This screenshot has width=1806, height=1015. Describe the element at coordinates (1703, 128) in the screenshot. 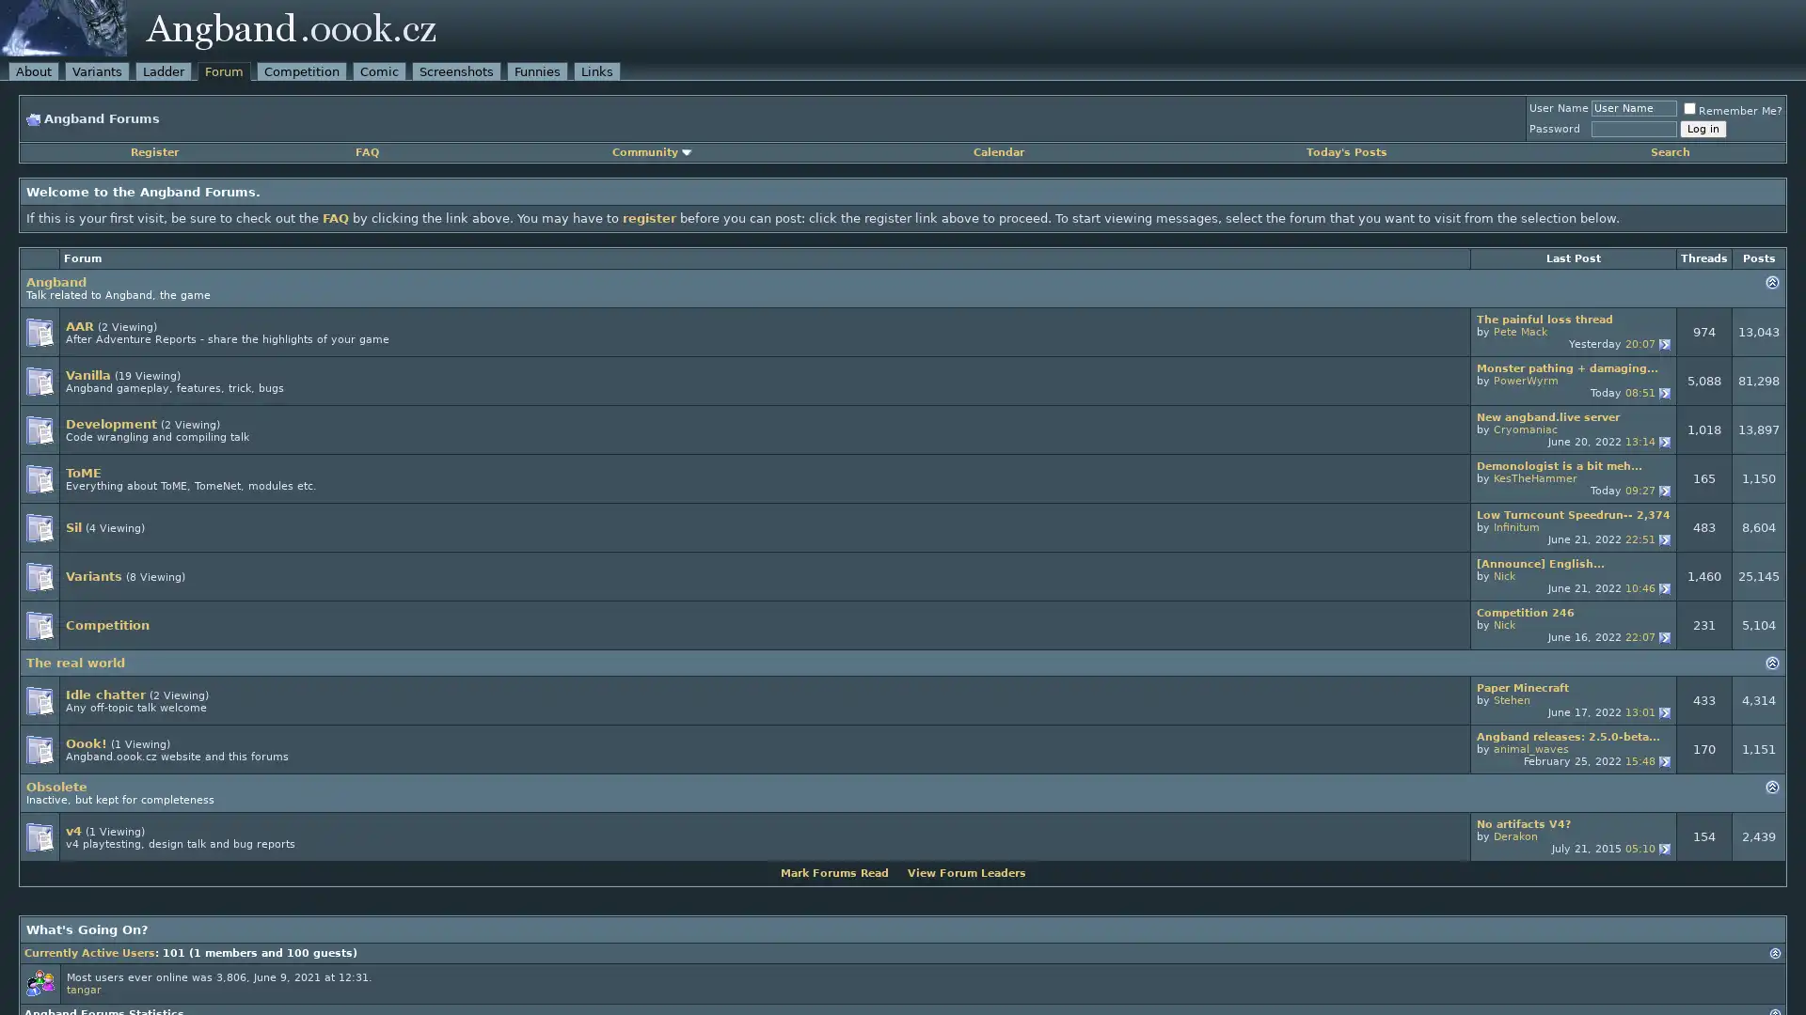

I see `Log in` at that location.